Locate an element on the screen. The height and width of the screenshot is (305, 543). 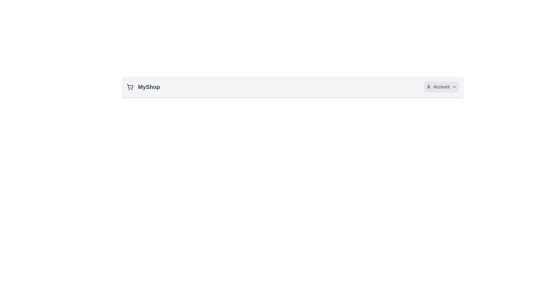
the branding or home navigation text label located in the top-left portion of the interface, adjacent to the shopping cart icon is located at coordinates (149, 87).